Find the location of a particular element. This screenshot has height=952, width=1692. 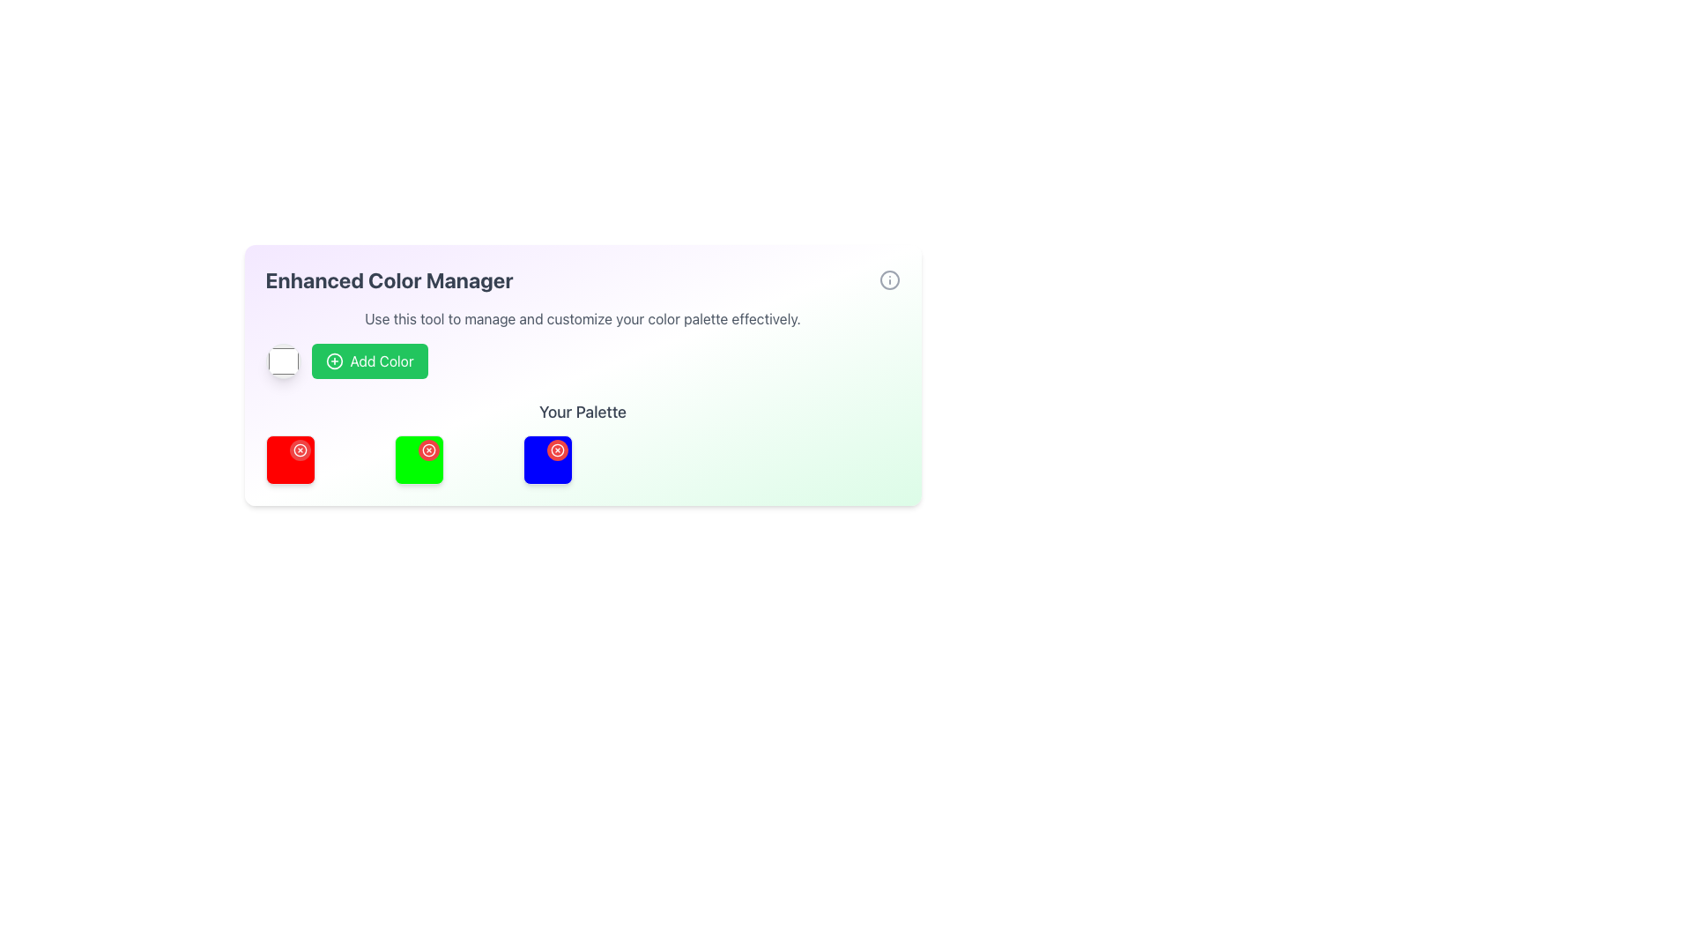

the text block that reads 'Use this tool to manage and customize your color palette effectively,' which is located below the title in the 'Enhanced Color Manager' card is located at coordinates (583, 319).